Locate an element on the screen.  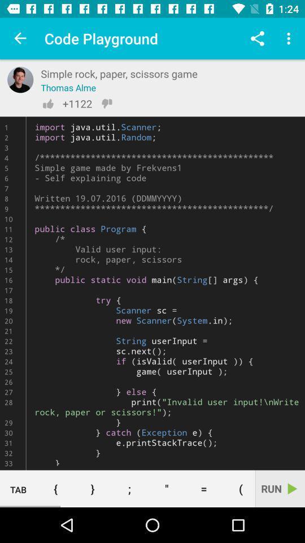
the item above the import java util is located at coordinates (290, 38).